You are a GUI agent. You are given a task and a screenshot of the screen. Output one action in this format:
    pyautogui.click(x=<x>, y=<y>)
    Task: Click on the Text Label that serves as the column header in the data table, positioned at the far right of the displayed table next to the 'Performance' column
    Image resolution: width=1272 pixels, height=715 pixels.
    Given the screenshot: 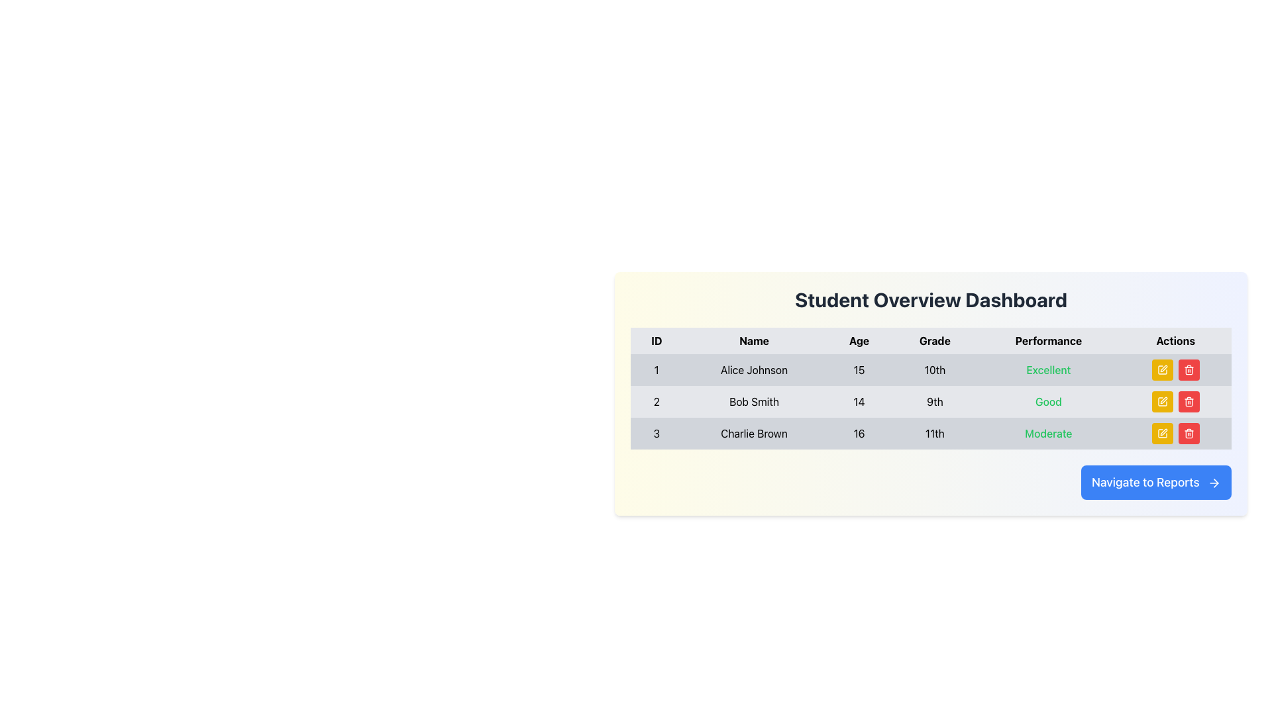 What is the action you would take?
    pyautogui.click(x=1175, y=340)
    